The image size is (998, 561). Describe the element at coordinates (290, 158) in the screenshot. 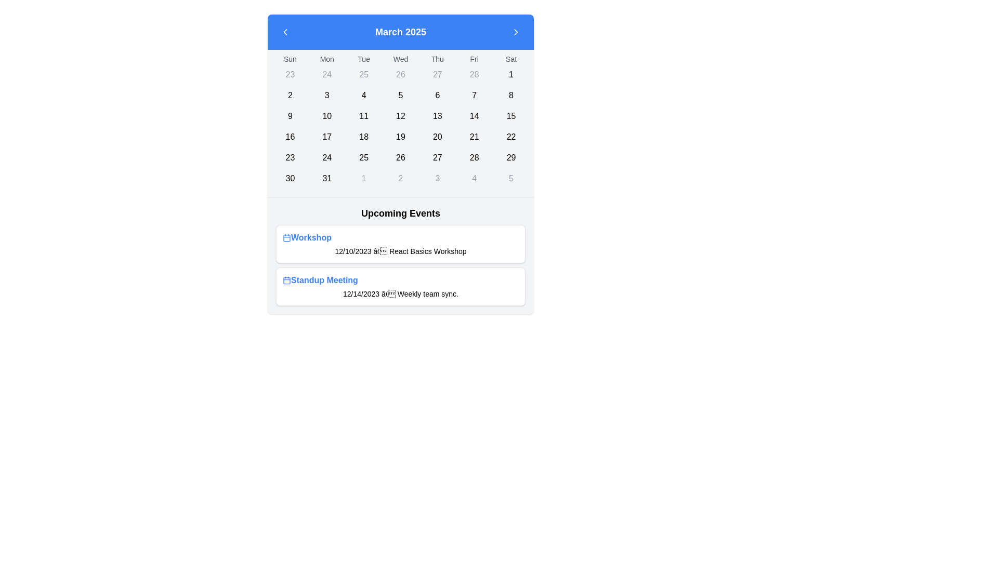

I see `the interactive calendar date cell displaying '23' in the March 2025 calendar` at that location.